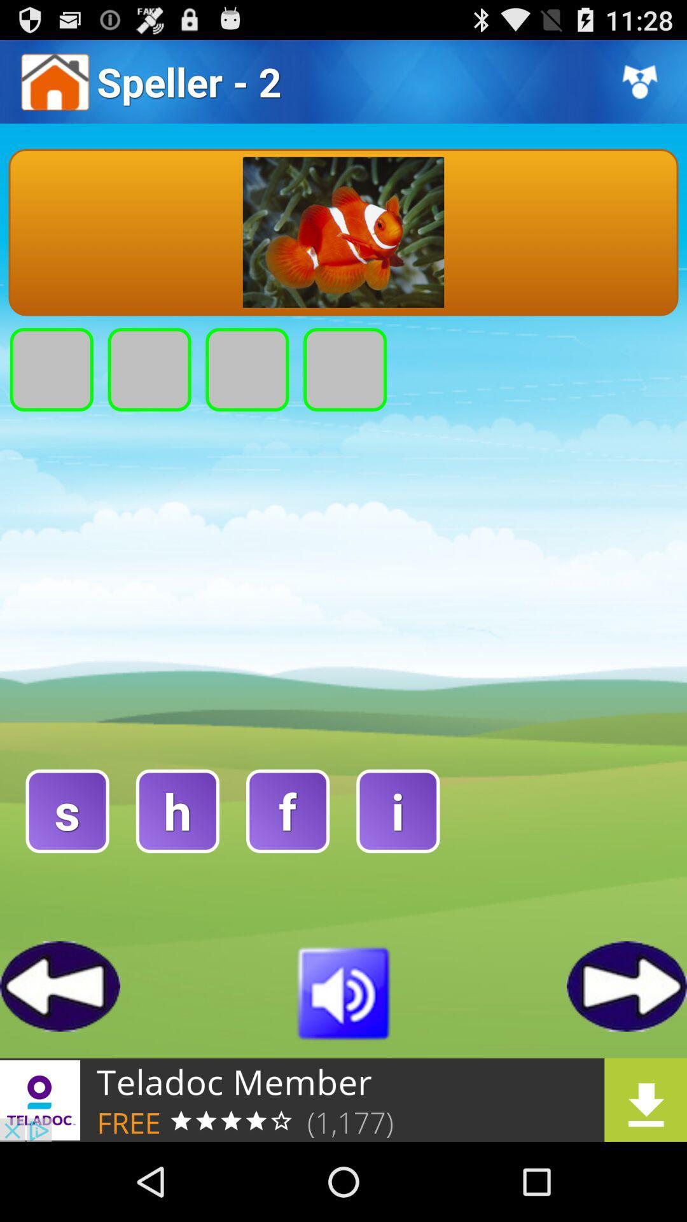 This screenshot has width=687, height=1222. Describe the element at coordinates (343, 990) in the screenshot. I see `play` at that location.